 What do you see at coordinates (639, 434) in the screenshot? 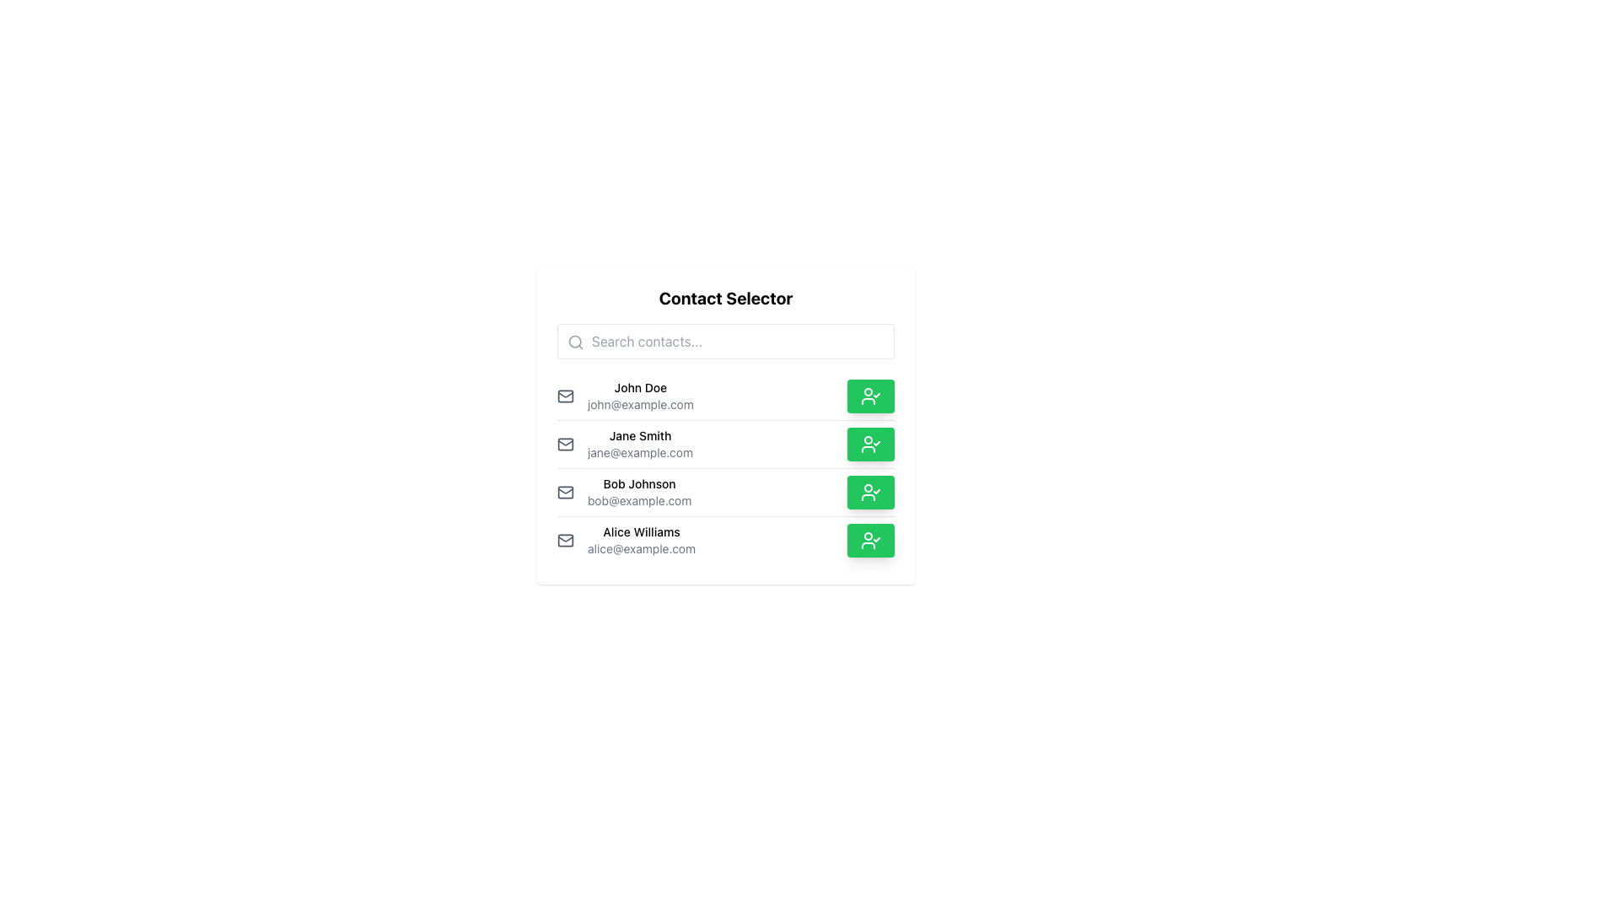
I see `the text 'Jane Smith' from the second row of the contact list interface, which is displayed in a bold style and is located above the email address 'jane@example.com'` at bounding box center [639, 434].